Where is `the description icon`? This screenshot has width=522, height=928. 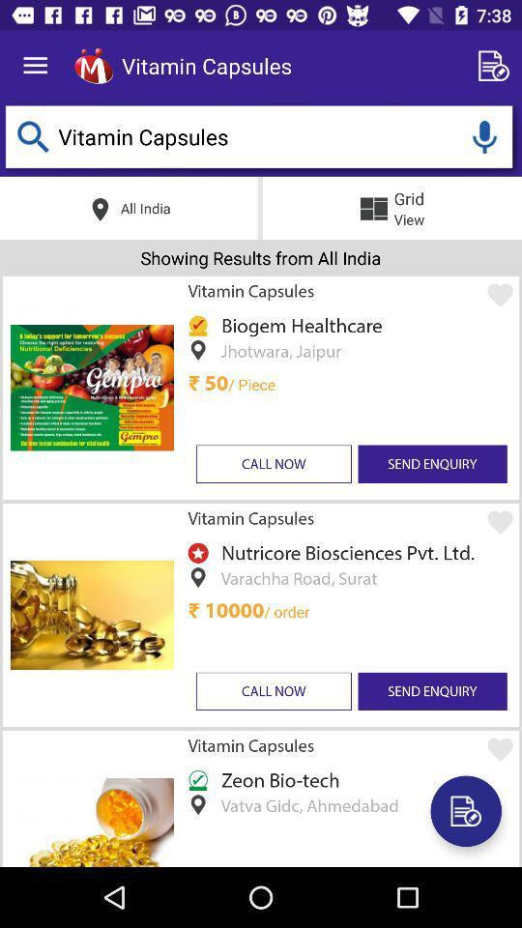 the description icon is located at coordinates (465, 811).